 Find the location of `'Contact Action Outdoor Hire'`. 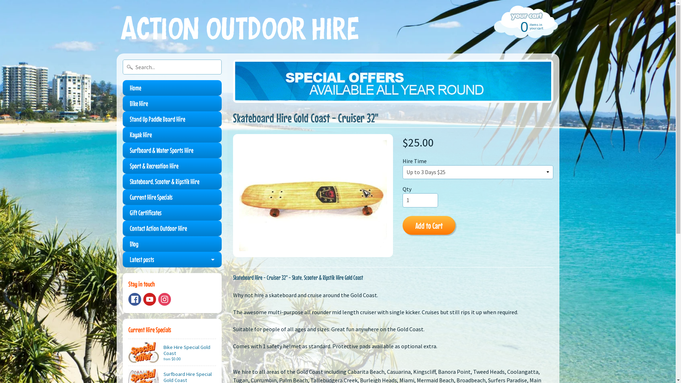

'Contact Action Outdoor Hire' is located at coordinates (172, 228).